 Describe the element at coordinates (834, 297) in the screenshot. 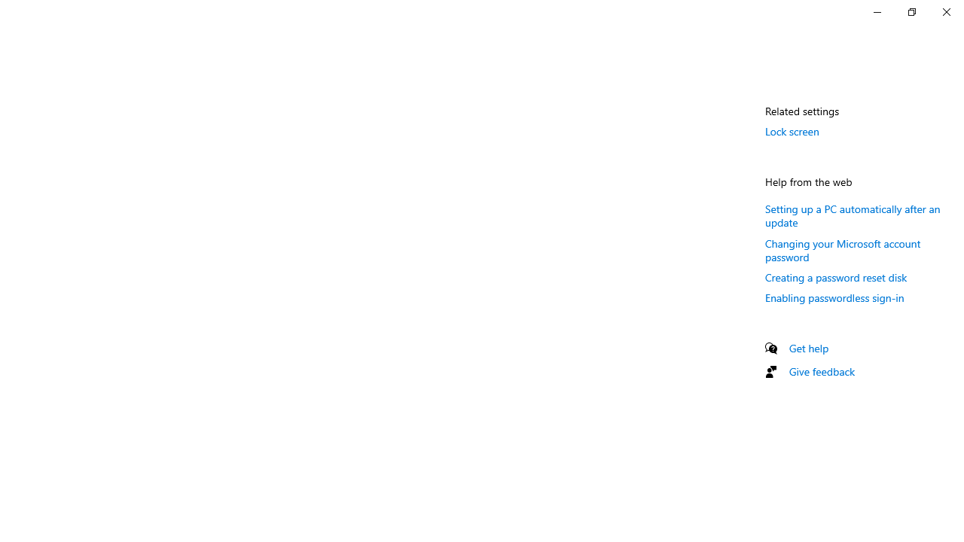

I see `'Enabling passwordless sign-in'` at that location.